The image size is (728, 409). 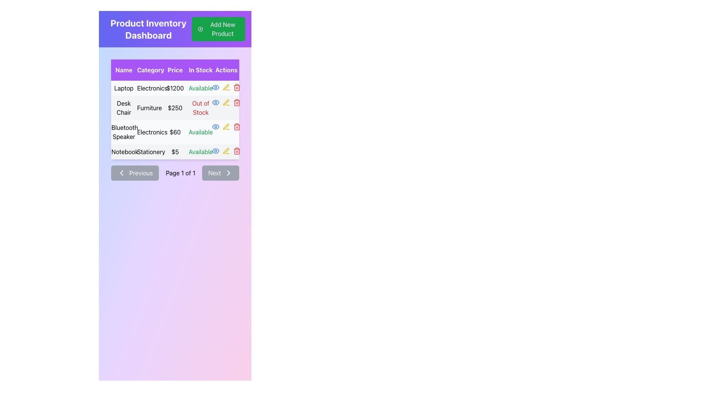 What do you see at coordinates (201, 131) in the screenshot?
I see `the text label displaying 'Available' in green color, located in the third row of the table under the 'In Stock' column` at bounding box center [201, 131].